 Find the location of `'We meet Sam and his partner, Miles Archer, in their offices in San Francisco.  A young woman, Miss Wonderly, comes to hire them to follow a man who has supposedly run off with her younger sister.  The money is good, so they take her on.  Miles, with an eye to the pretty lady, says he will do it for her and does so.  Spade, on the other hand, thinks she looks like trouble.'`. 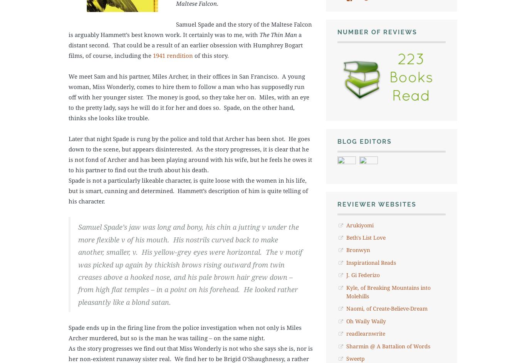

'We meet Sam and his partner, Miles Archer, in their offices in San Francisco.  A young woman, Miss Wonderly, comes to hire them to follow a man who has supposedly run off with her younger sister.  The money is good, so they take her on.  Miles, with an eye to the pretty lady, says he will do it for her and does so.  Spade, on the other hand, thinks she looks like trouble.' is located at coordinates (188, 96).